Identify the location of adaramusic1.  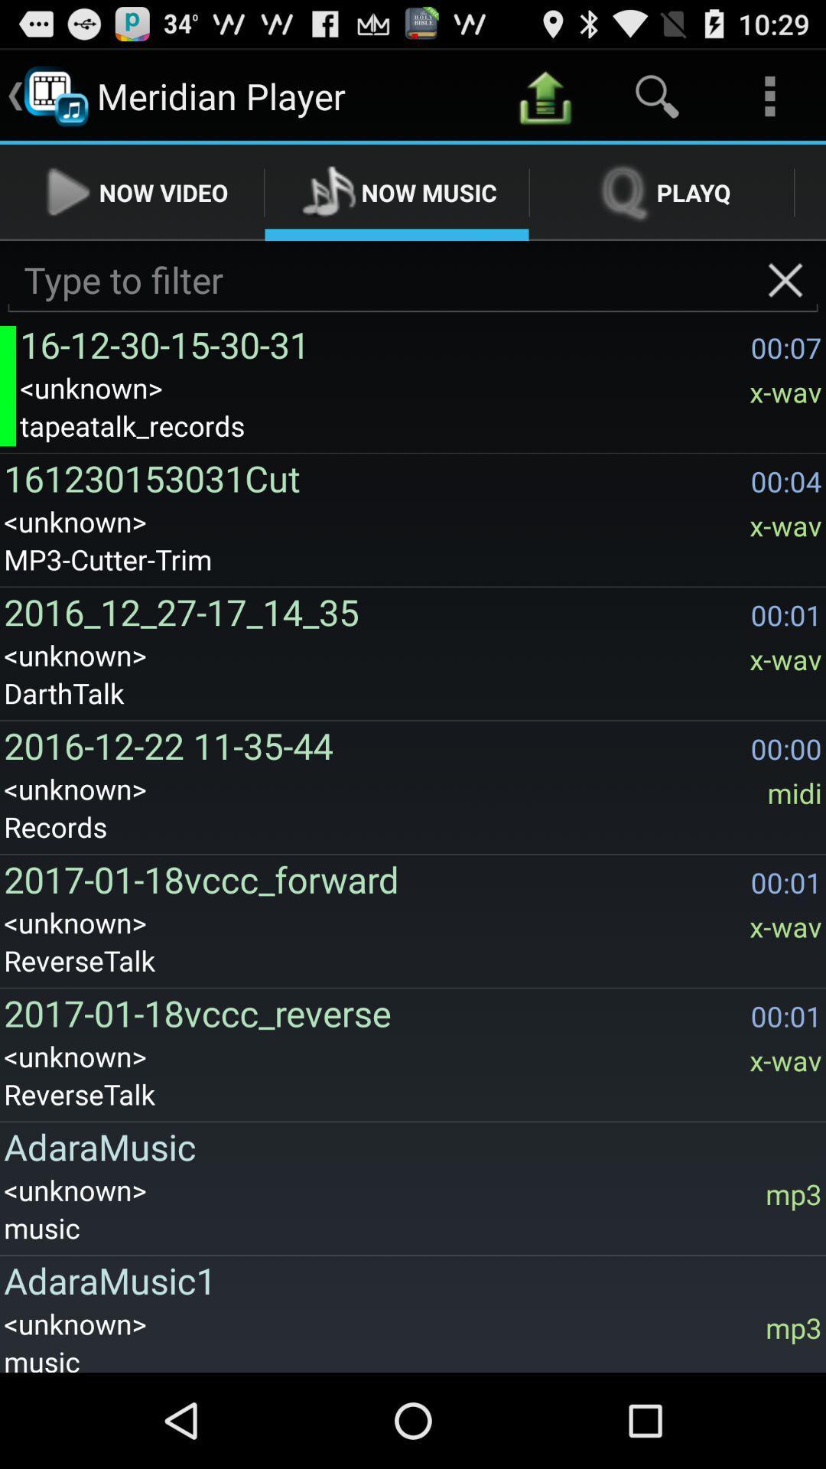
(408, 1280).